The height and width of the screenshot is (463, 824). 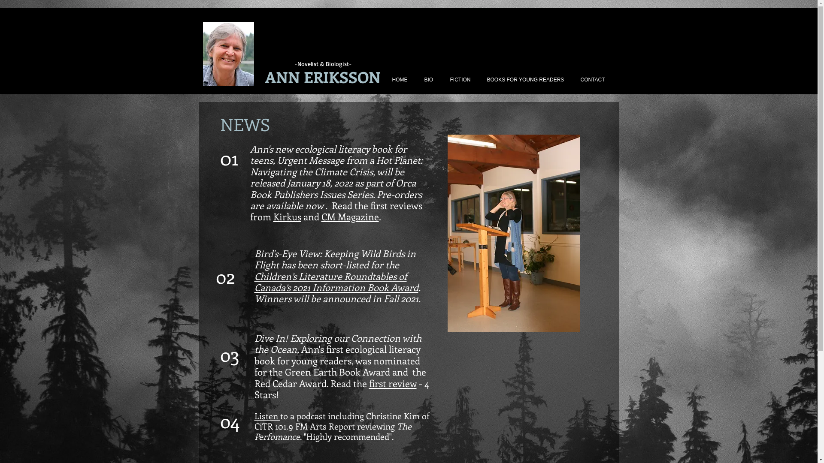 What do you see at coordinates (420, 80) in the screenshot?
I see `'BIO'` at bounding box center [420, 80].